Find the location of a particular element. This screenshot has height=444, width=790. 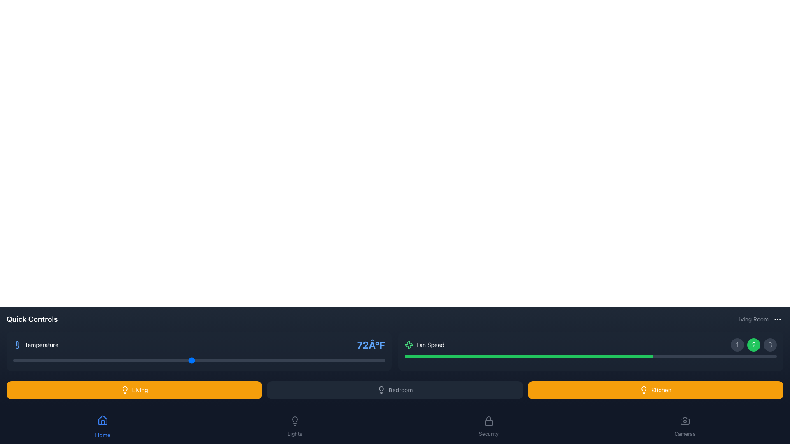

the second button in the 'Fan Speed' section is located at coordinates (754, 345).